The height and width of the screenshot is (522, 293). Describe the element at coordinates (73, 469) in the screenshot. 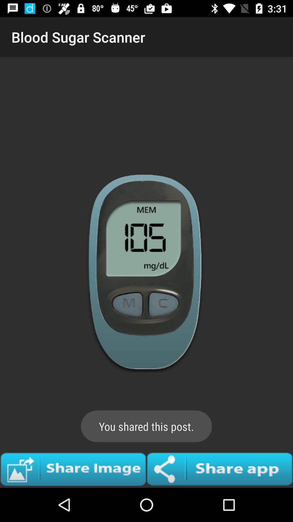

I see `share image` at that location.